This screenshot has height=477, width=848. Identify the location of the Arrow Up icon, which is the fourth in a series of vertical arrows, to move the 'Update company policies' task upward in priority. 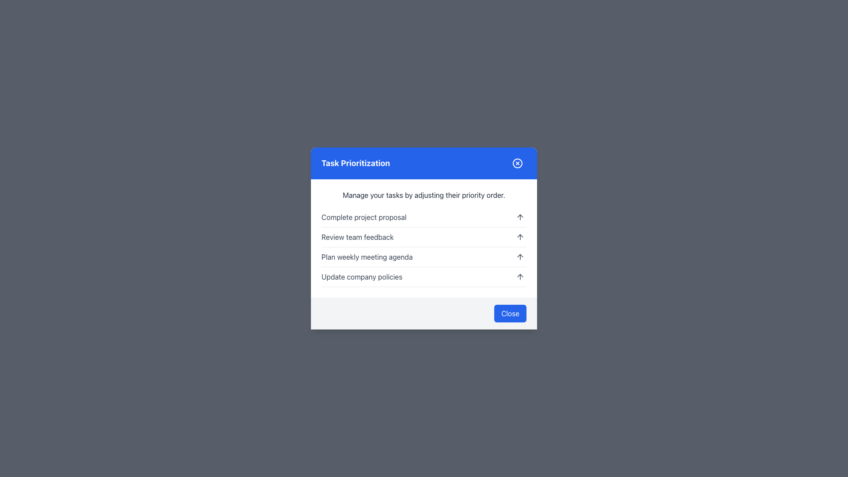
(520, 276).